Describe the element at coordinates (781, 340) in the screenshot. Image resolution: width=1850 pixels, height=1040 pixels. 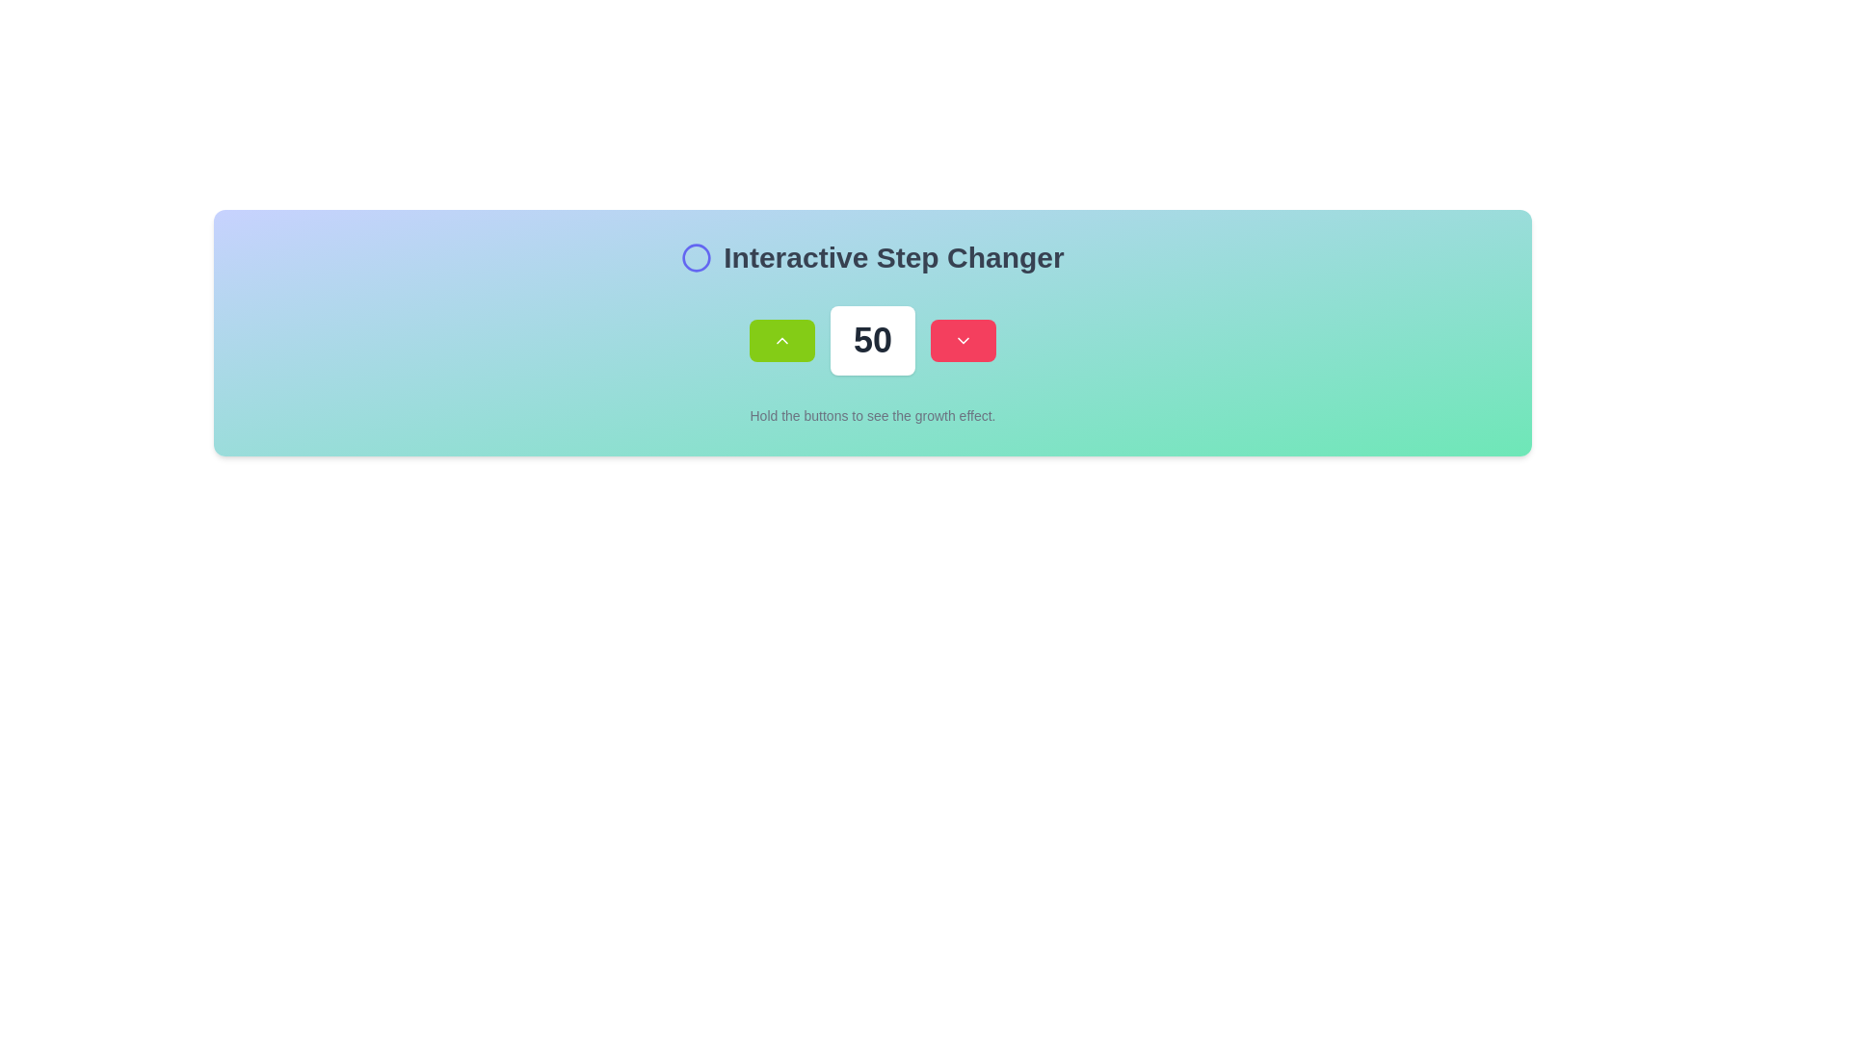
I see `the upward-pointing chevron icon located in the center of a lime-green rectangular button for keyboard navigation` at that location.